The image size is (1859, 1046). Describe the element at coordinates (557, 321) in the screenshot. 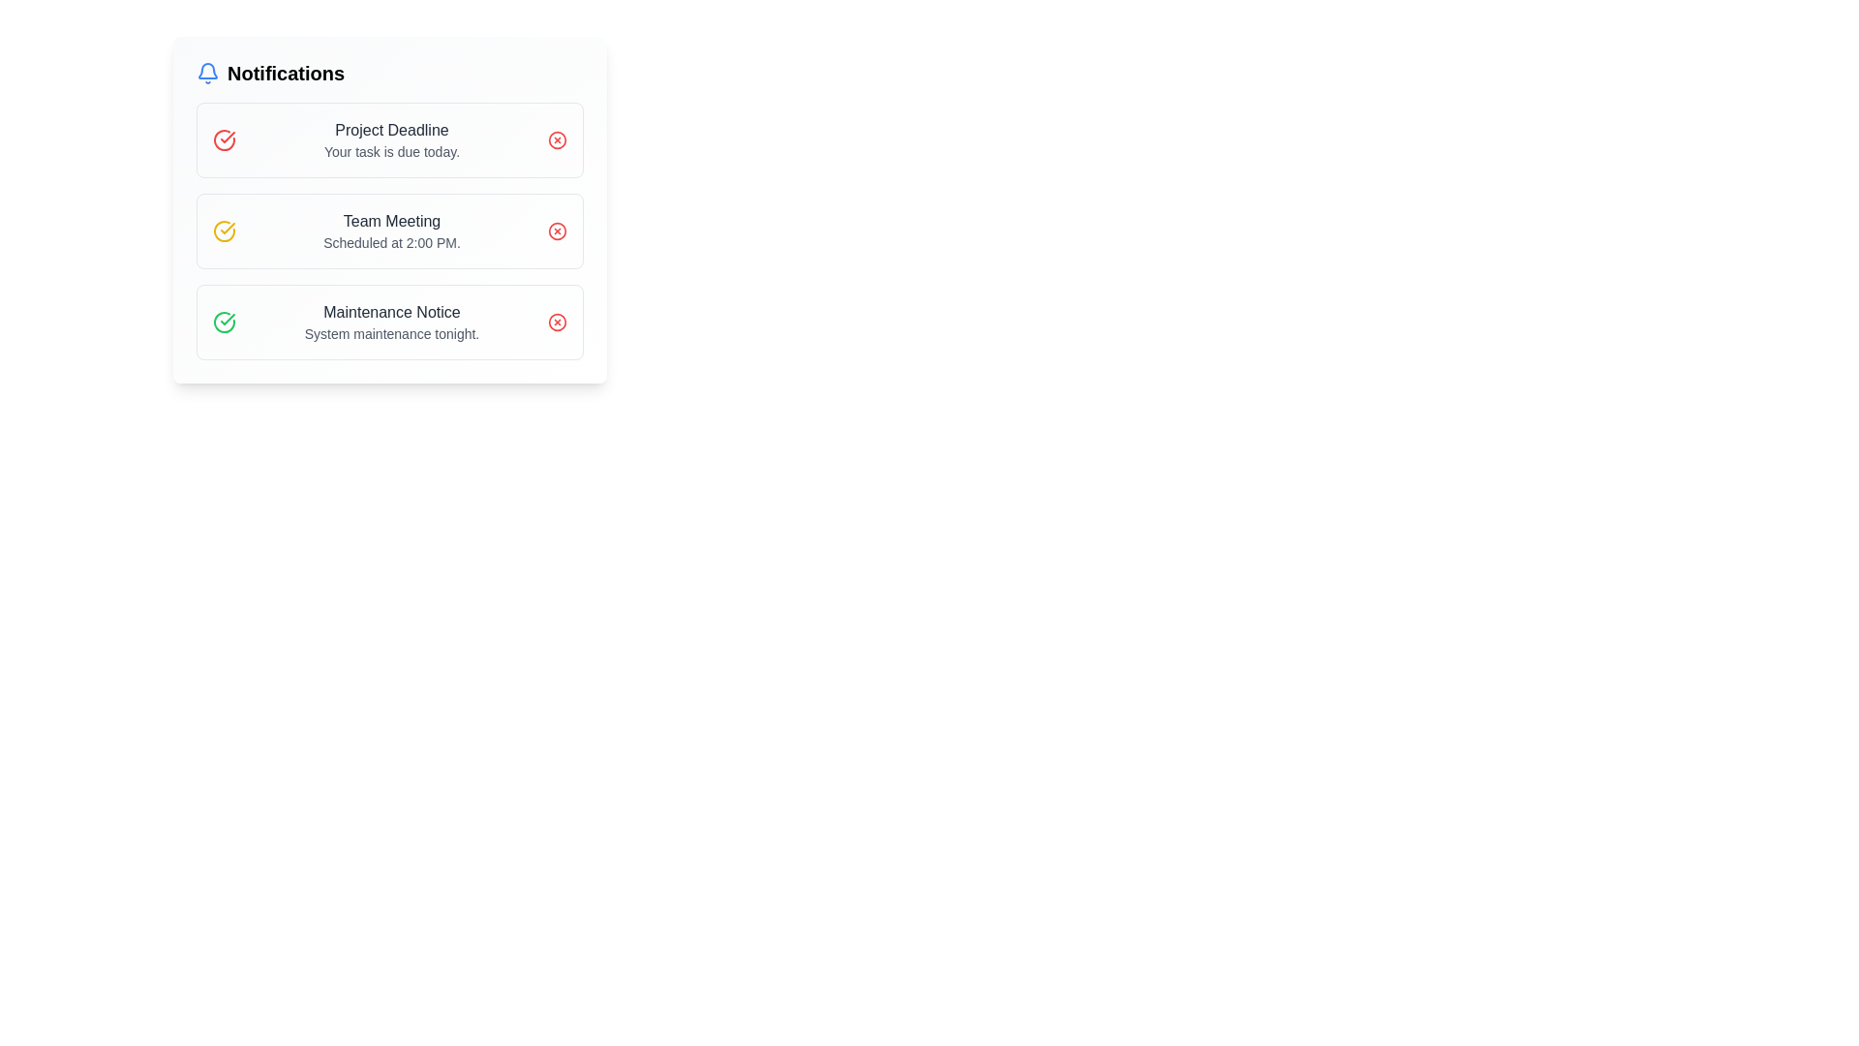

I see `the delete icon button located at the rightmost side of the third notification item, aligned with the text labeled 'Maintenance Notice'` at that location.